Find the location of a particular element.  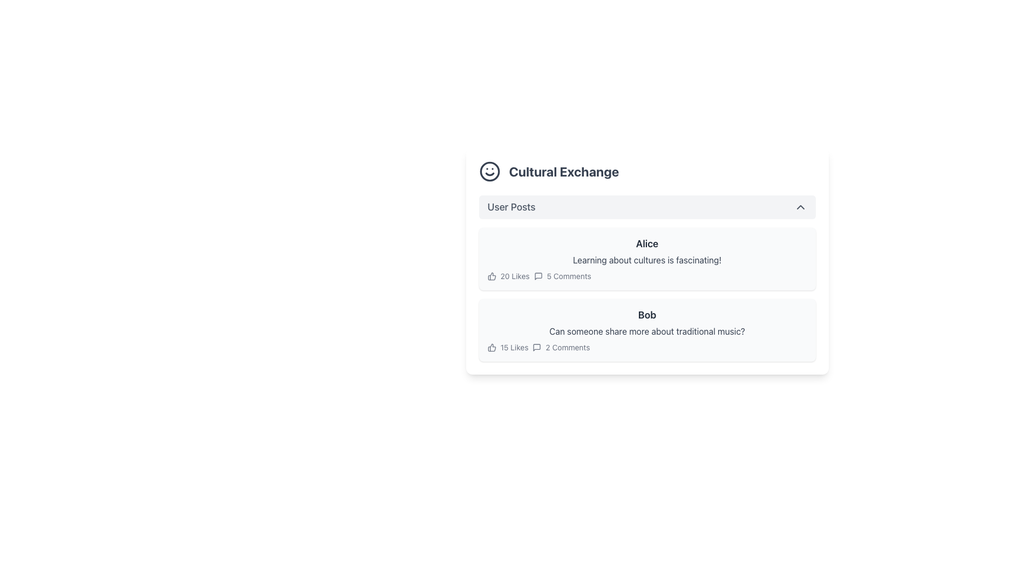

the 'Cultural Exchange' text label, which is styled in a bold and larger font, located prominently next to a smiling face icon is located at coordinates (563, 171).